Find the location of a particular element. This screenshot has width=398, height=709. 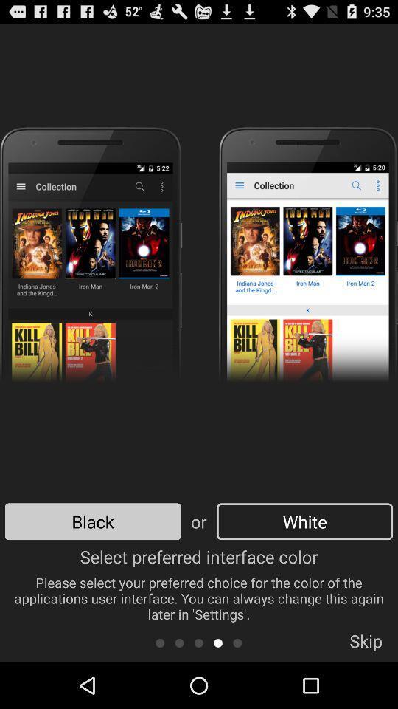

skip is located at coordinates (365, 645).